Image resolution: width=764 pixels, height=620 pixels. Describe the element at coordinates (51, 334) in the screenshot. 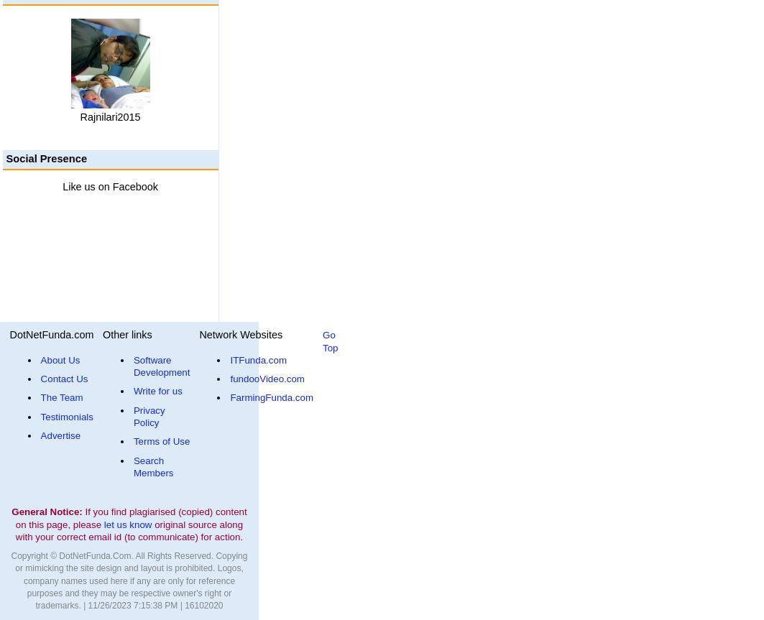

I see `'DotNetFunda.com'` at that location.